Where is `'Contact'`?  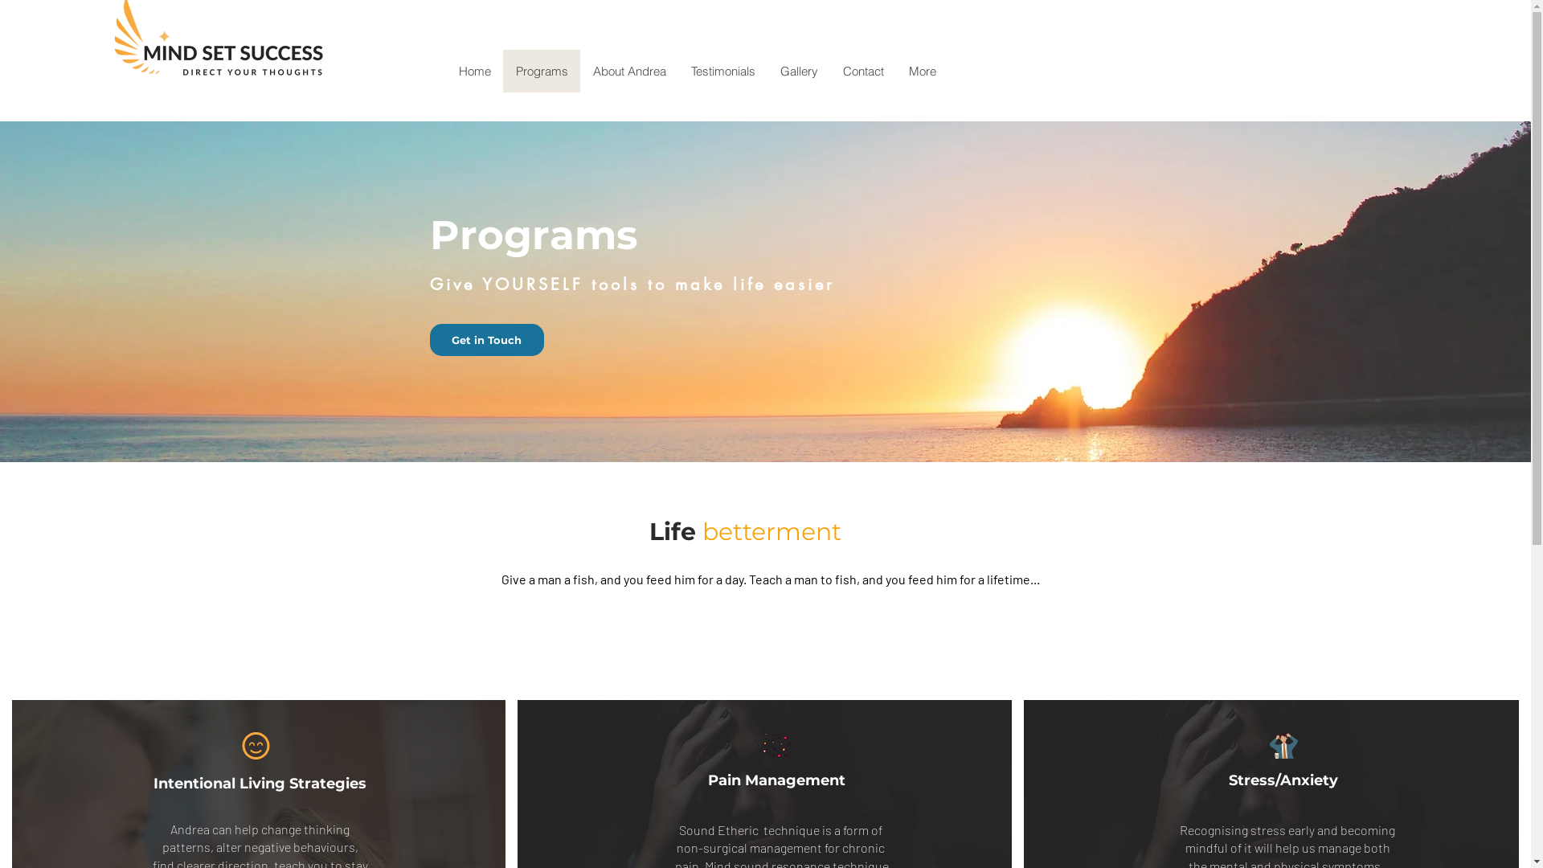
'Contact' is located at coordinates (862, 70).